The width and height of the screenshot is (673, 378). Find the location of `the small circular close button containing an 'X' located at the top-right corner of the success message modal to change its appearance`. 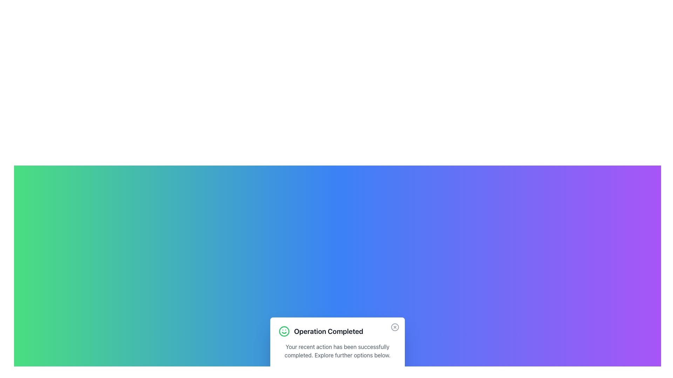

the small circular close button containing an 'X' located at the top-right corner of the success message modal to change its appearance is located at coordinates (395, 327).